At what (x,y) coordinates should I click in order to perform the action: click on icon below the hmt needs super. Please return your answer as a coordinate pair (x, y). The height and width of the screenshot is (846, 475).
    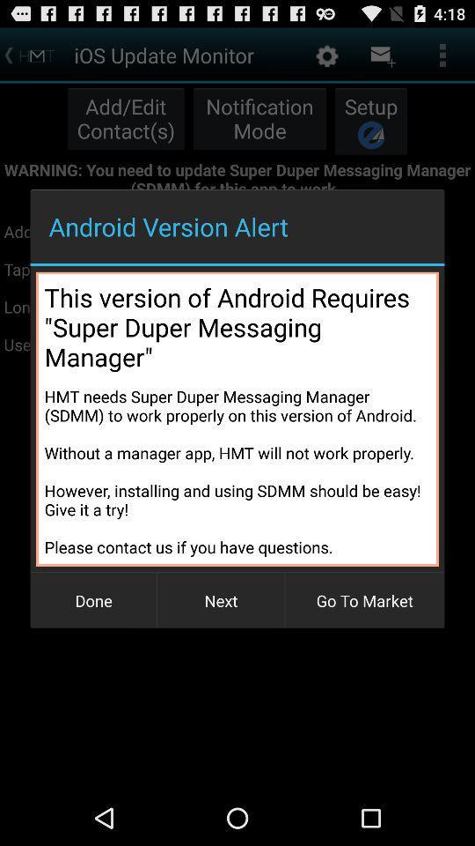
    Looking at the image, I should click on (363, 600).